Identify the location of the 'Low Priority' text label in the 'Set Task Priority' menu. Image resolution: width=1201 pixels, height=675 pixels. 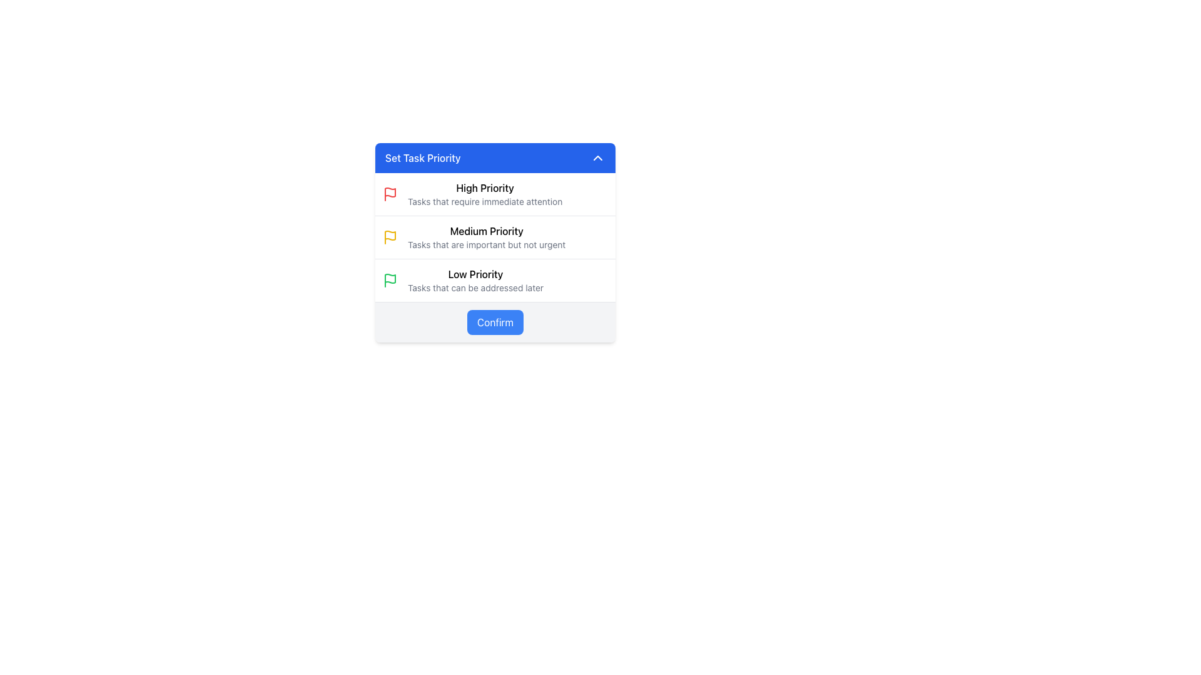
(475, 279).